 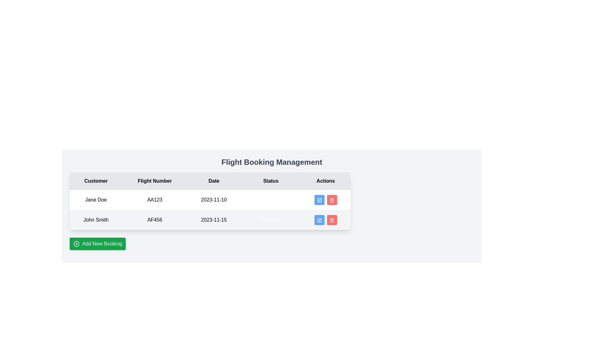 I want to click on the green plus symbol icon enclosed within a circle, located on the left side of the 'Add New Booking' button, near the bottom-left corner of the interface, so click(x=76, y=243).